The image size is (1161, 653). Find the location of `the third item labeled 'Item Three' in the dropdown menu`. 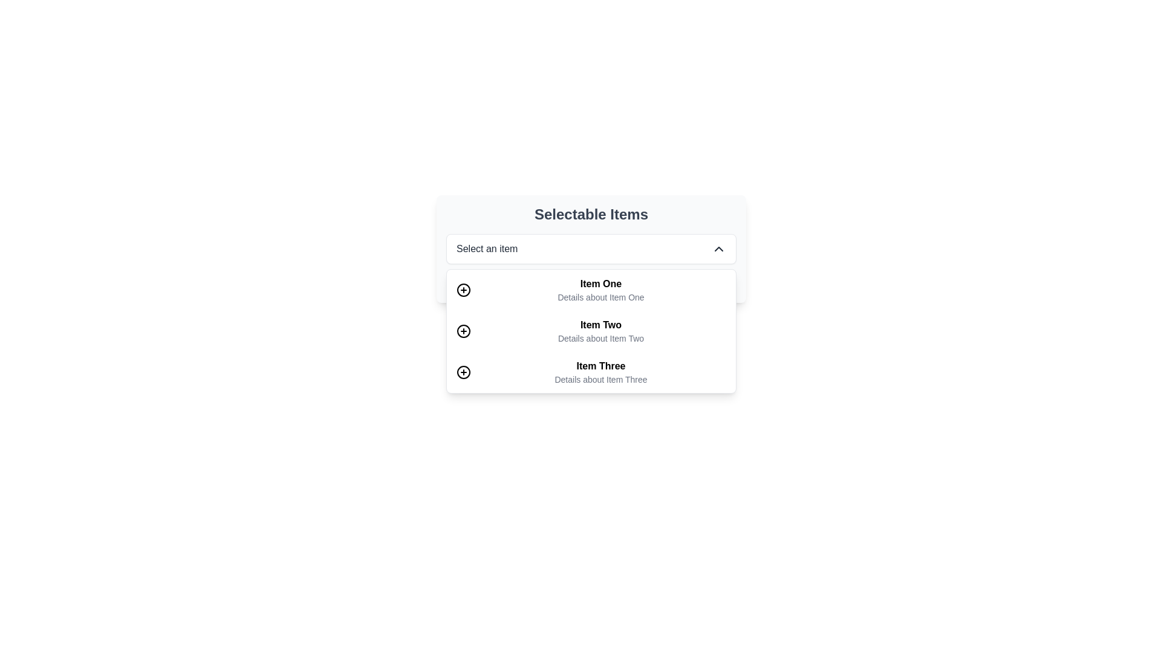

the third item labeled 'Item Three' in the dropdown menu is located at coordinates (591, 372).